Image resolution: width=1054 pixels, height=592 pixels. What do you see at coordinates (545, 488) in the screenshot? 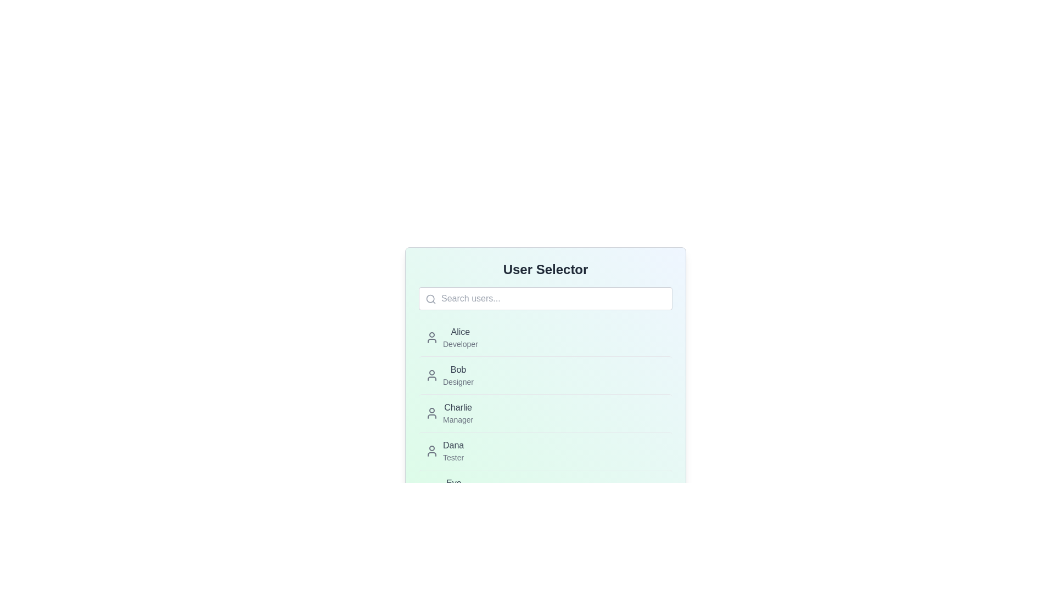
I see `the last user entry list item, which has a green background and displays 'Eve' as the user name with 'Admin' below it` at bounding box center [545, 488].